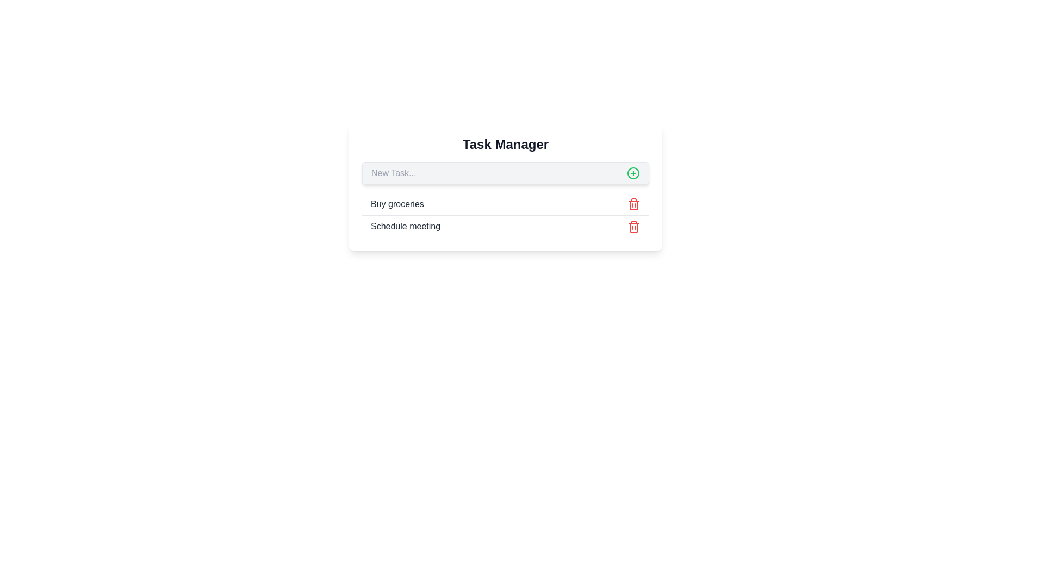 The image size is (1044, 587). I want to click on the interactive icon, so click(633, 173).